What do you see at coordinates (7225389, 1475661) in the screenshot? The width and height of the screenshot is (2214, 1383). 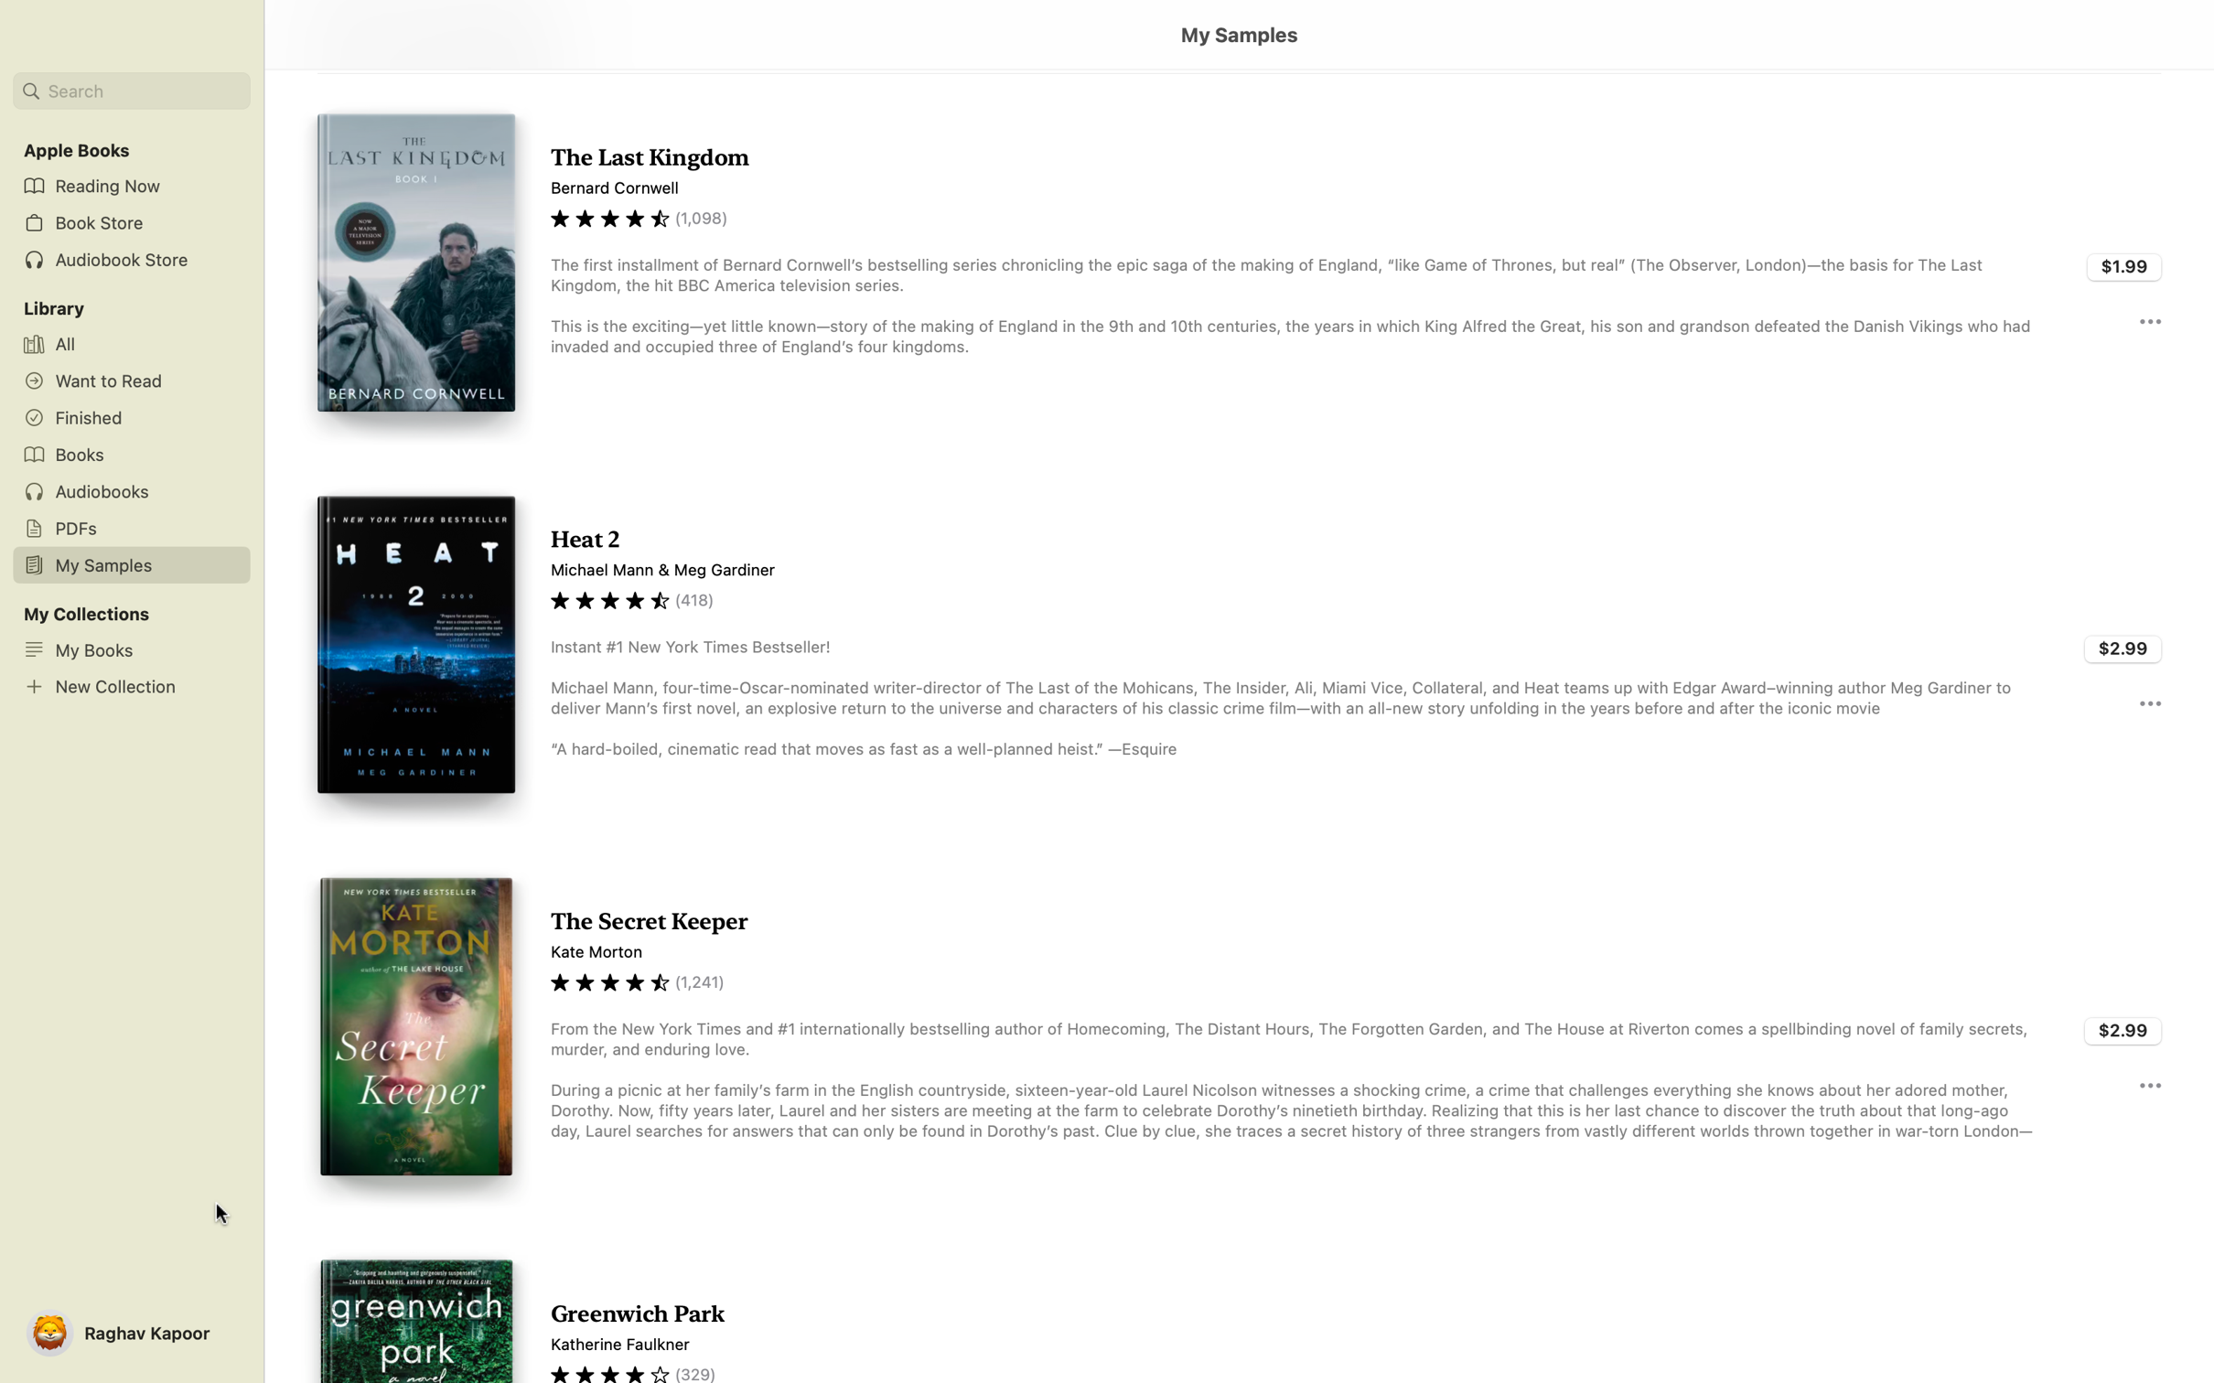 I see `more choices available under "Heat 2` at bounding box center [7225389, 1475661].